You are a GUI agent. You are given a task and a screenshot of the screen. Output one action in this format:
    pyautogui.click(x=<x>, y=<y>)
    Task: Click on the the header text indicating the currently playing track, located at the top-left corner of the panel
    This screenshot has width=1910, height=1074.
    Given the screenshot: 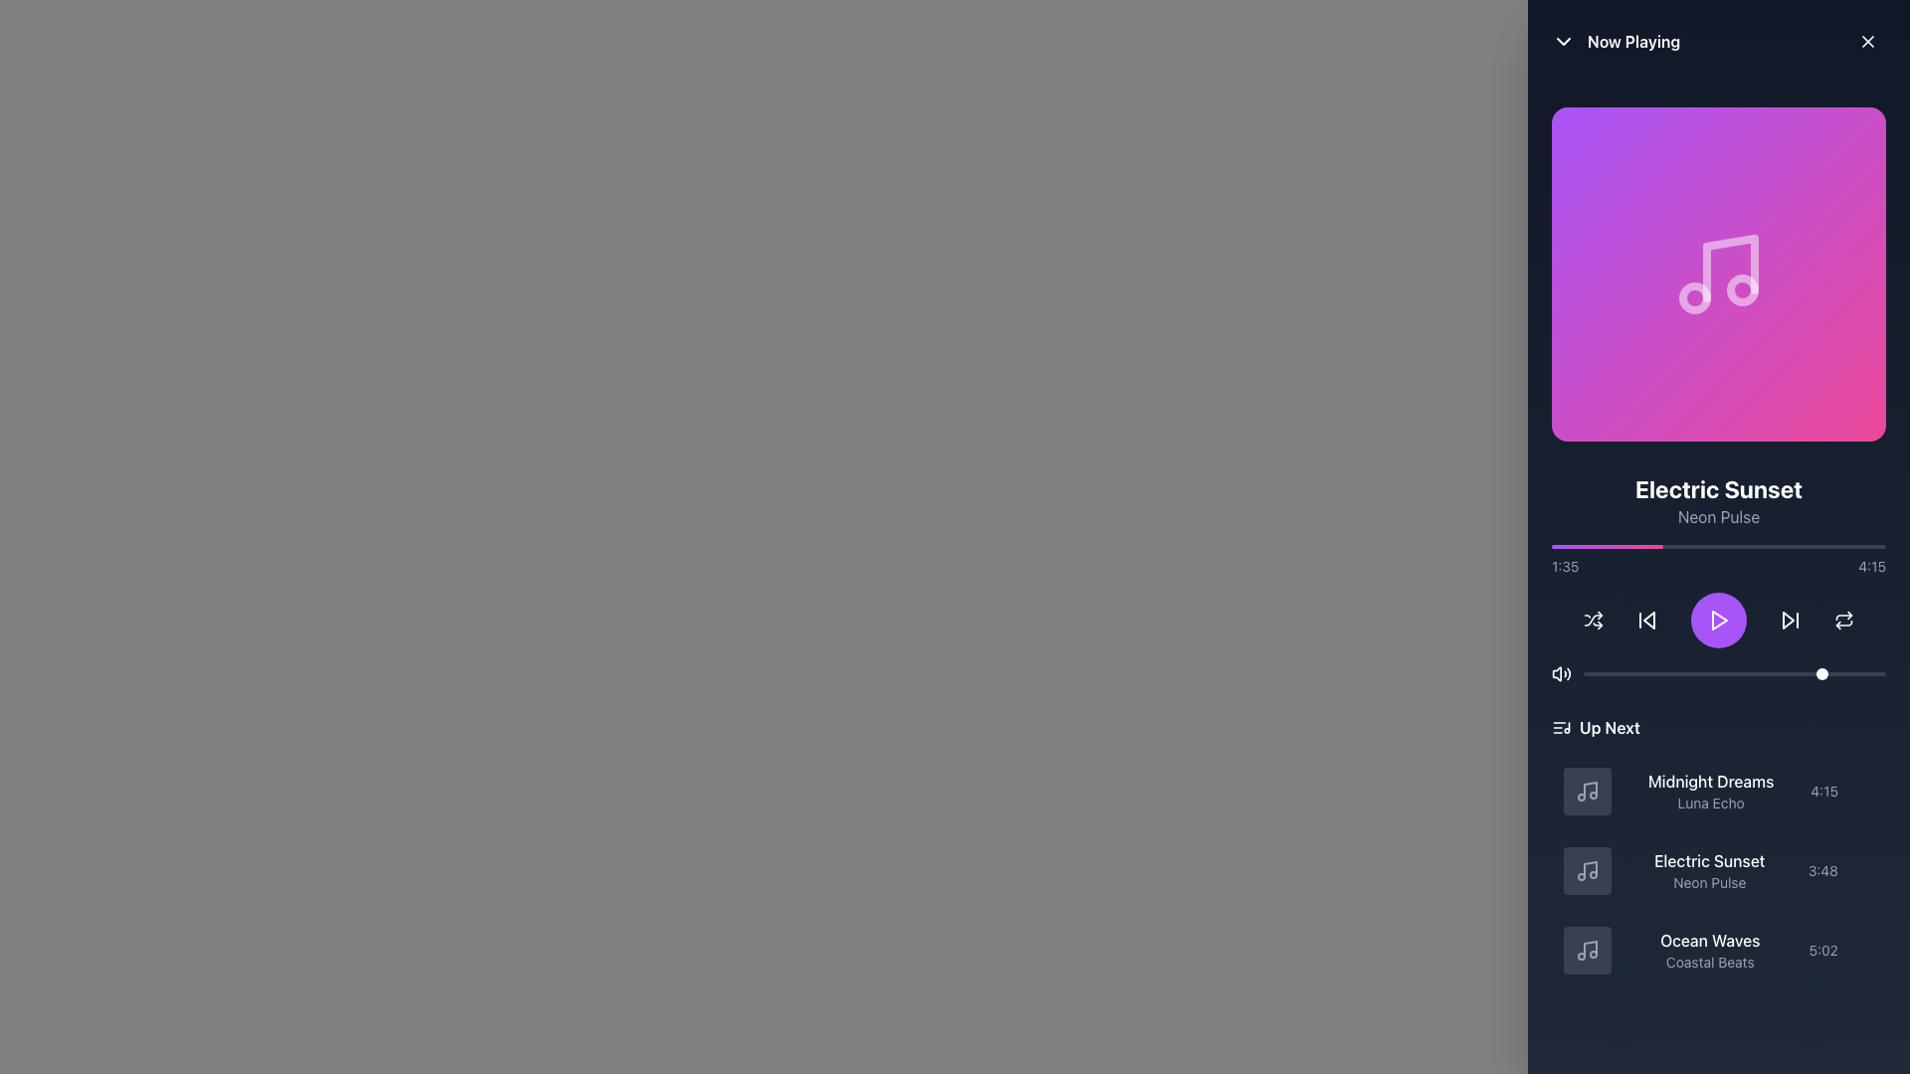 What is the action you would take?
    pyautogui.click(x=1616, y=42)
    